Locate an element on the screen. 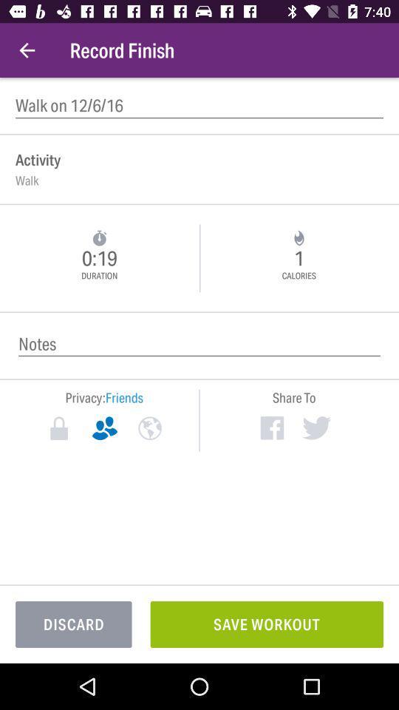 This screenshot has width=399, height=710. switch friends is located at coordinates (103, 428).